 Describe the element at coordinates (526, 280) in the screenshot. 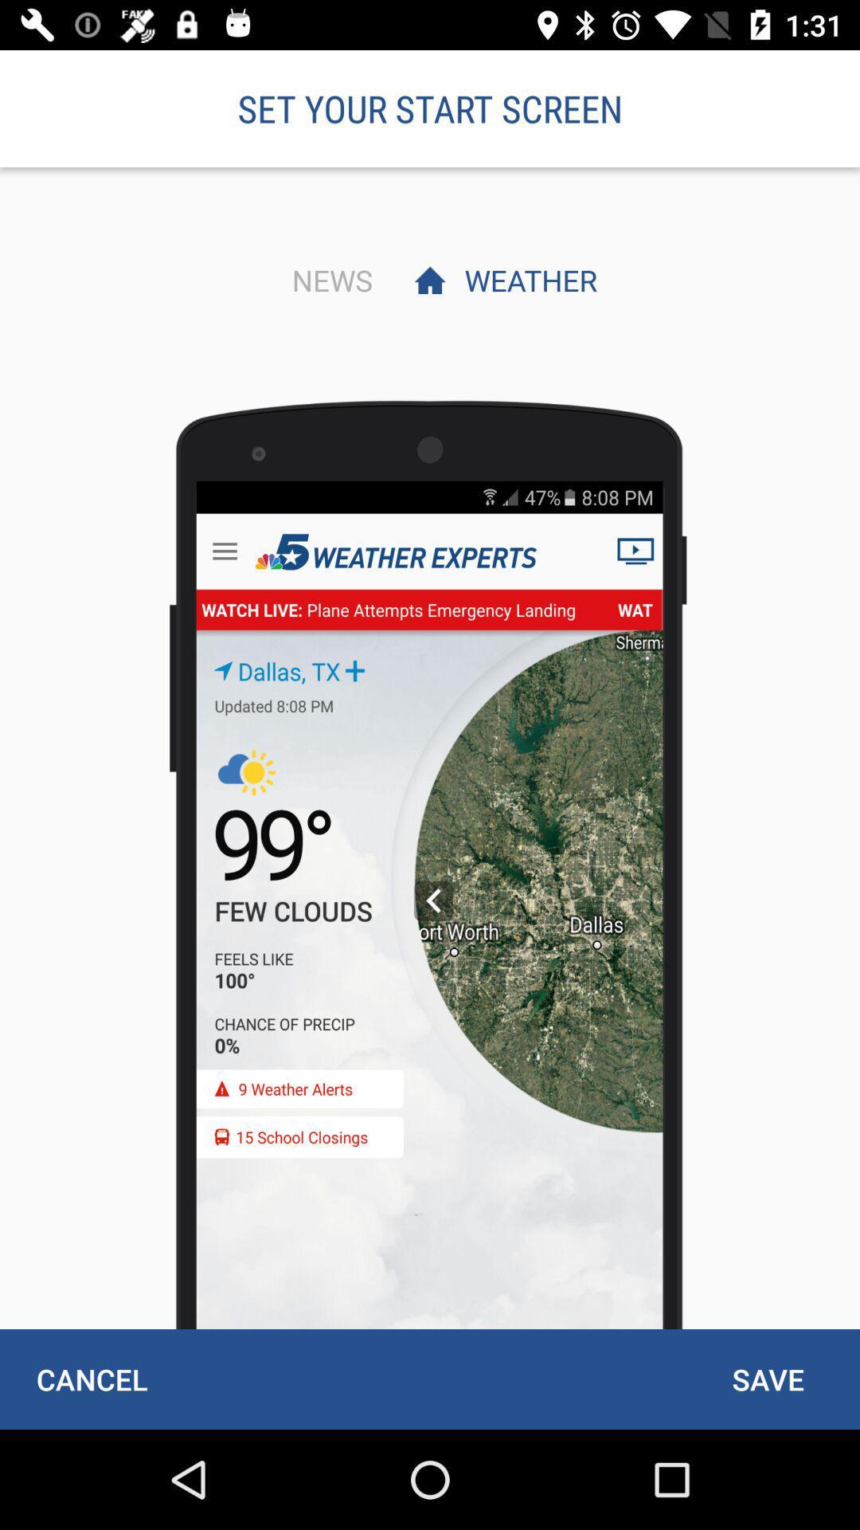

I see `the weather` at that location.